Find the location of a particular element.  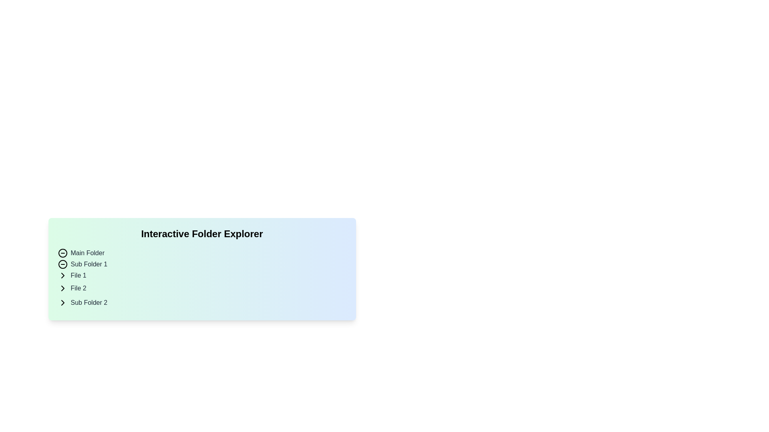

the chevron icon that indicates expandable content for 'File 1' is located at coordinates (62, 275).